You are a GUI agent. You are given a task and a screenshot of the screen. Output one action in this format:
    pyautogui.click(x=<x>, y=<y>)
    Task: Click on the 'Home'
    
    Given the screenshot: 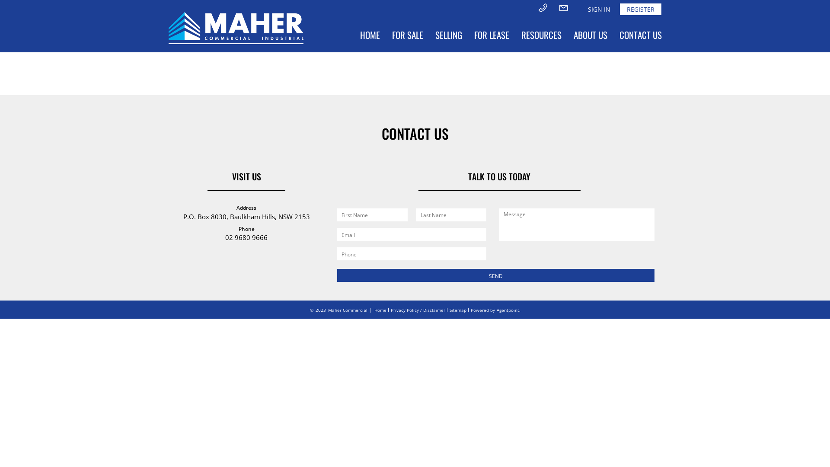 What is the action you would take?
    pyautogui.click(x=374, y=310)
    